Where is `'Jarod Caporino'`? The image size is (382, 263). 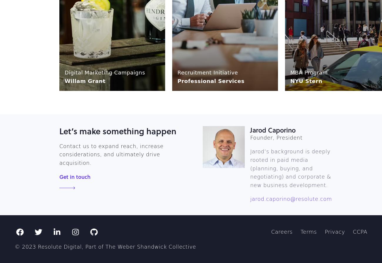 'Jarod Caporino' is located at coordinates (273, 129).